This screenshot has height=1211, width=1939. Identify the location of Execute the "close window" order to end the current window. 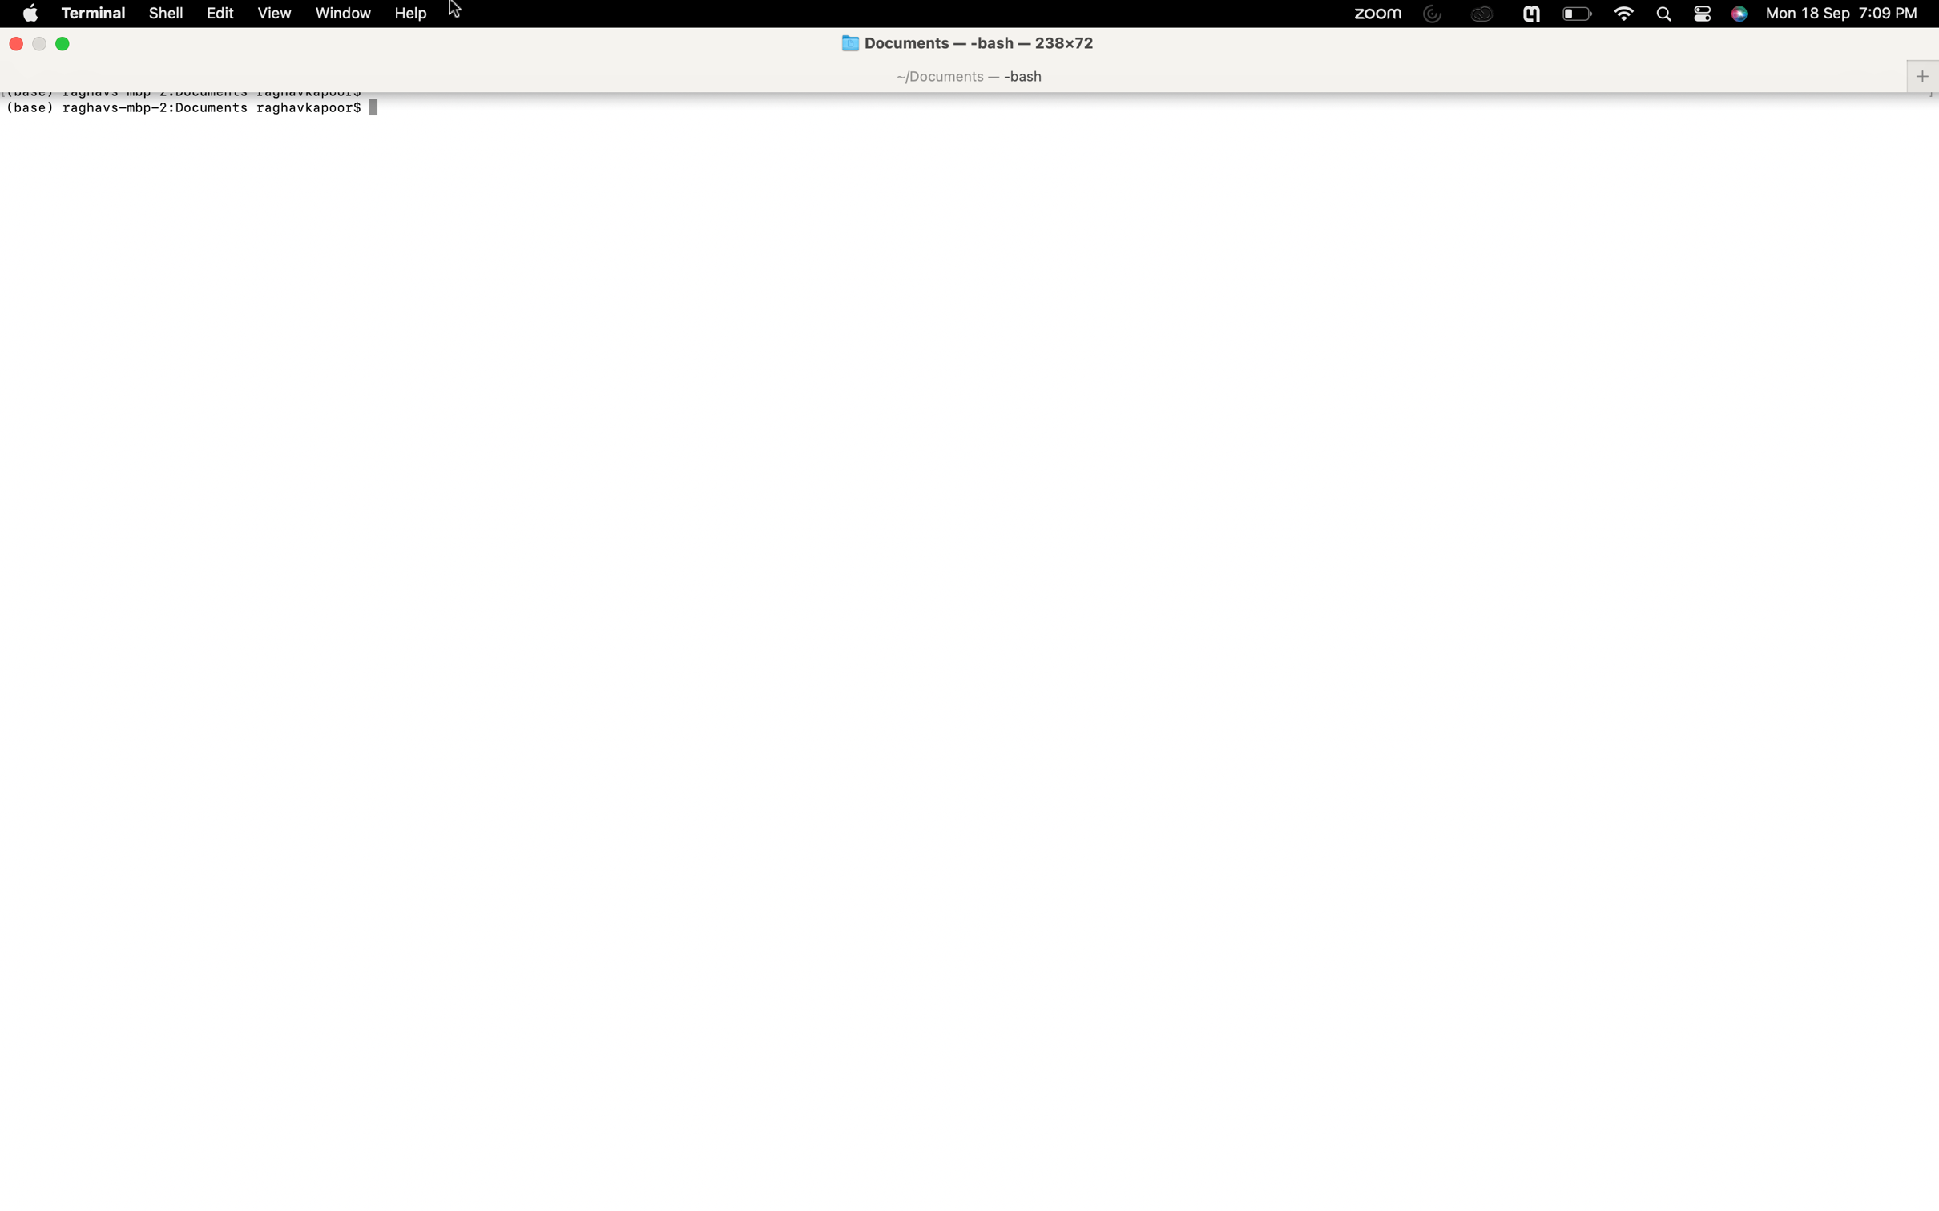
(15, 41).